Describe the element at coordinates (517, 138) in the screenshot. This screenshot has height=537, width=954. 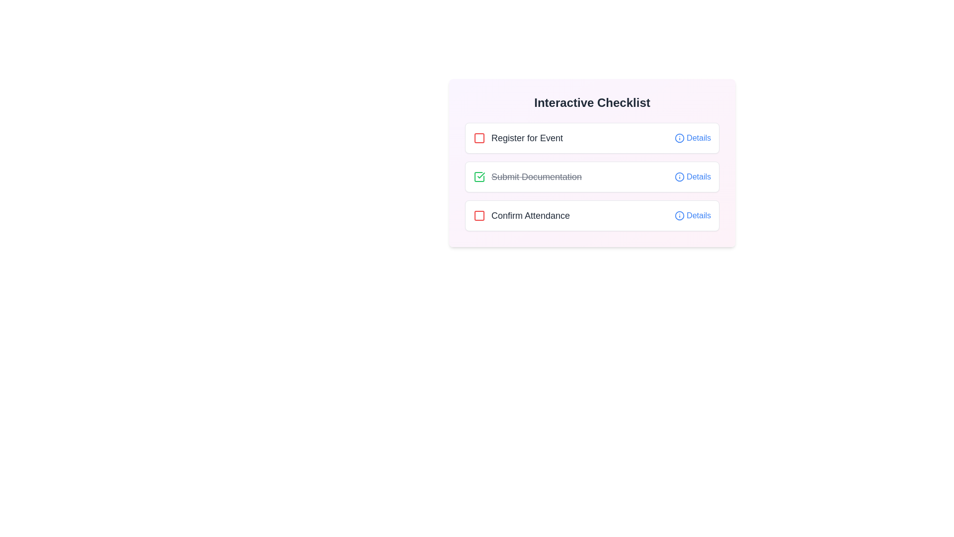
I see `on the text description of the first checklist item, 'Register for Event,'` at that location.